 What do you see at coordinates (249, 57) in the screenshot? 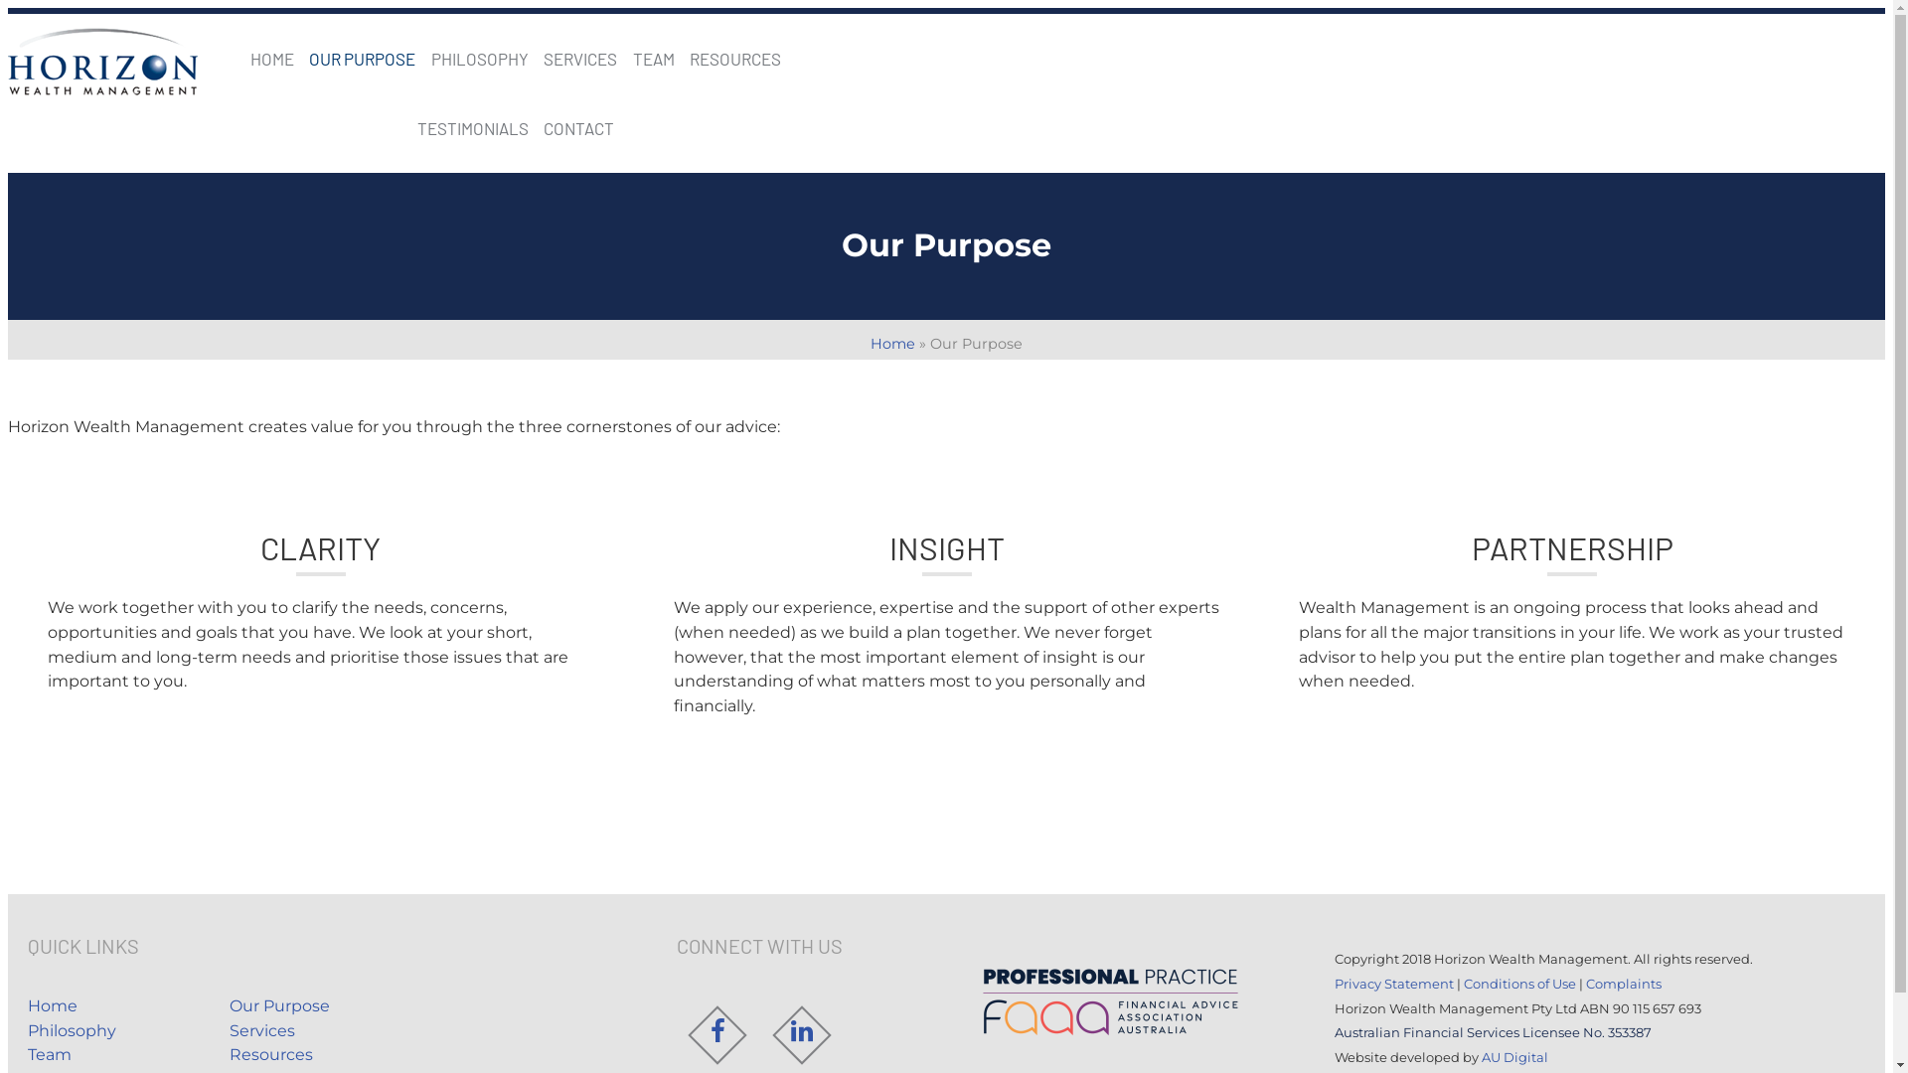
I see `'HOME'` at bounding box center [249, 57].